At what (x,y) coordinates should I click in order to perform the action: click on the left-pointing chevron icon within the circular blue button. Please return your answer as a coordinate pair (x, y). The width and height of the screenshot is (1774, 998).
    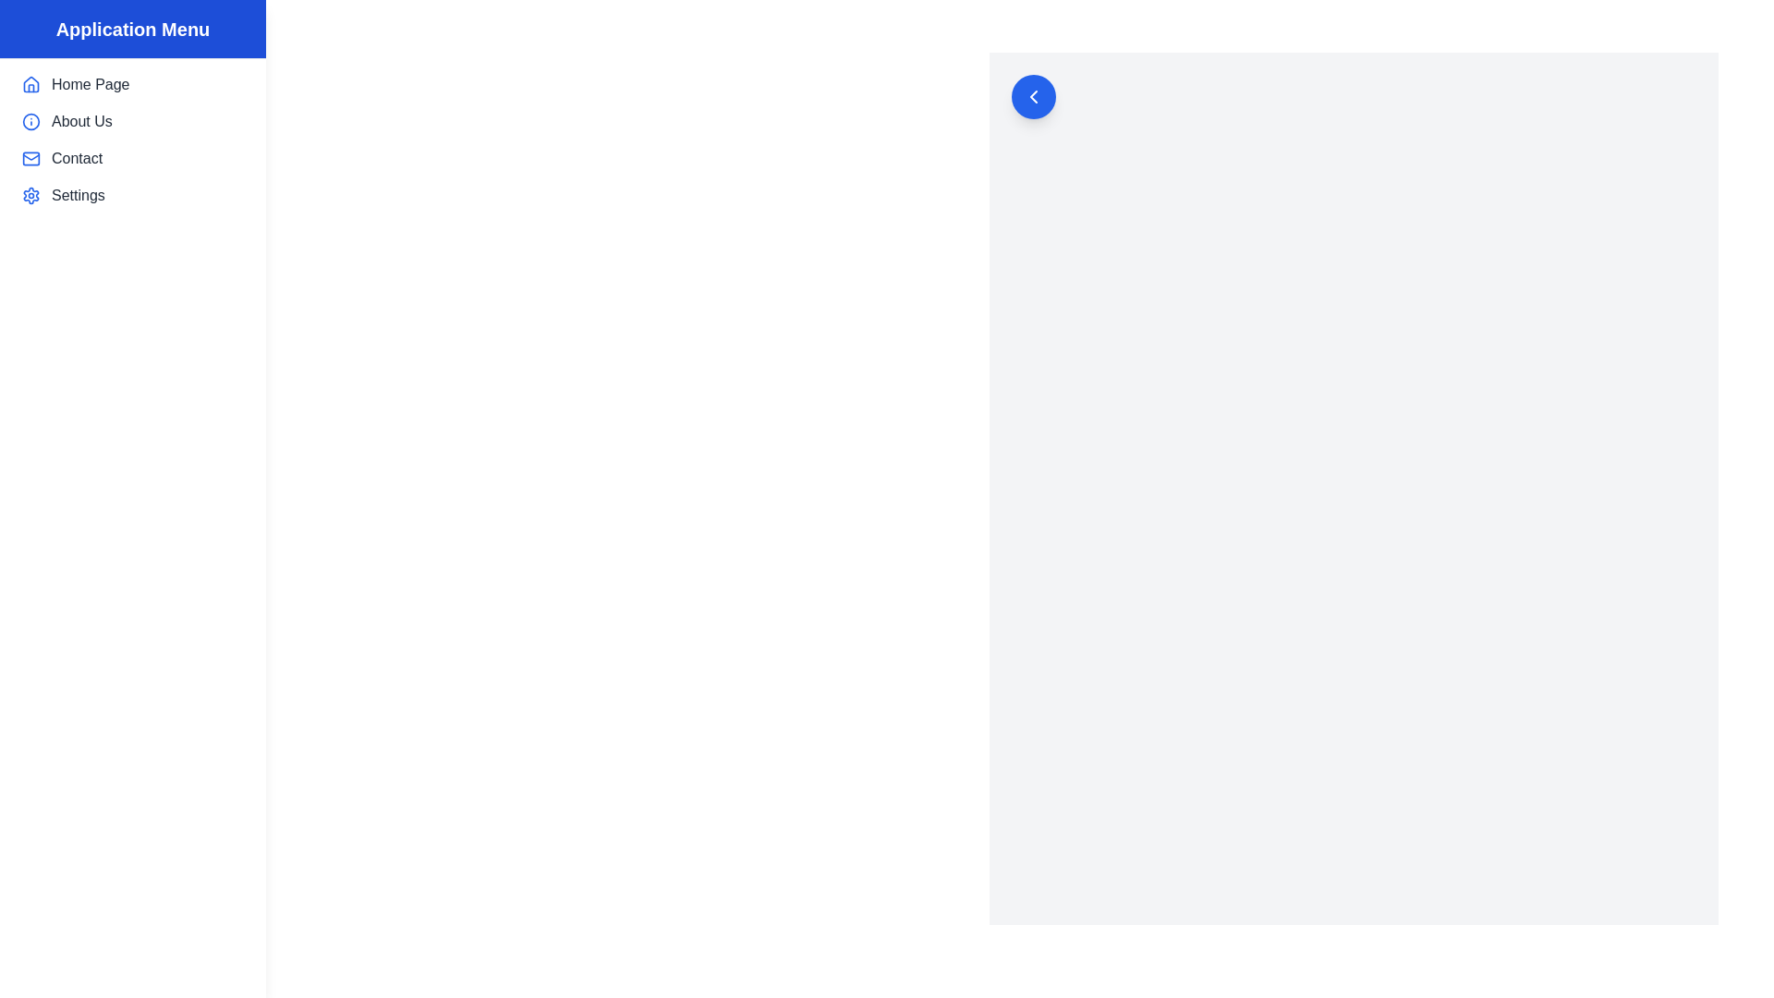
    Looking at the image, I should click on (1032, 96).